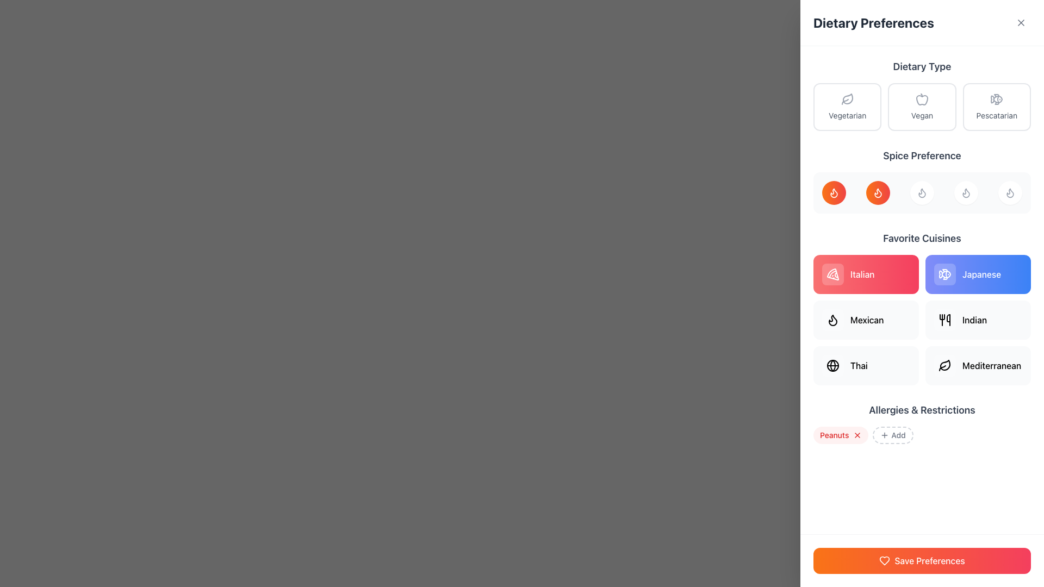 The image size is (1044, 587). What do you see at coordinates (921, 99) in the screenshot?
I see `the gray apple icon representing the 'Vegan' dietary choice in the 'Dietary Preferences' panel` at bounding box center [921, 99].